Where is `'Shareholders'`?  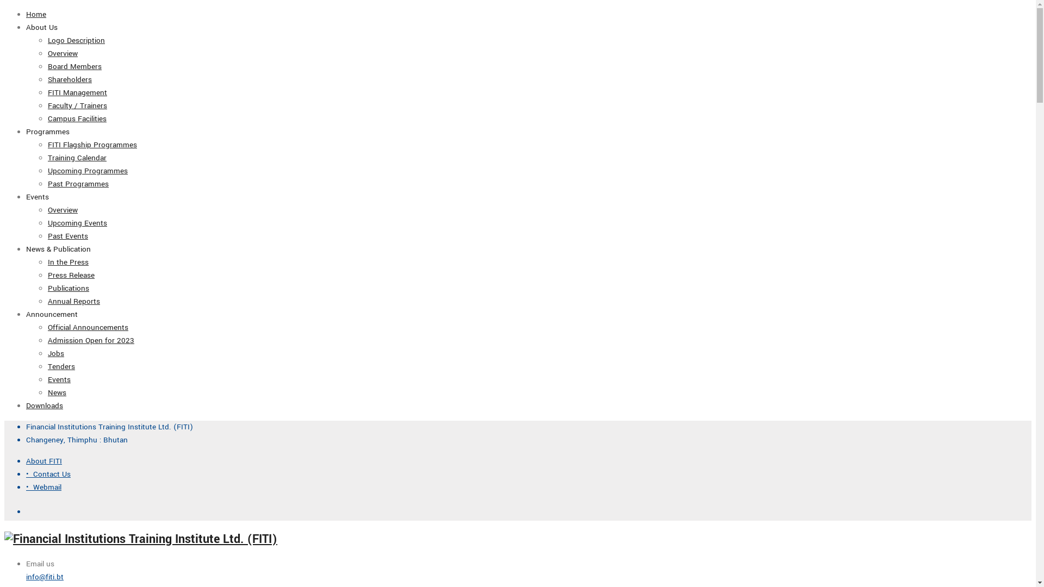
'Shareholders' is located at coordinates (69, 79).